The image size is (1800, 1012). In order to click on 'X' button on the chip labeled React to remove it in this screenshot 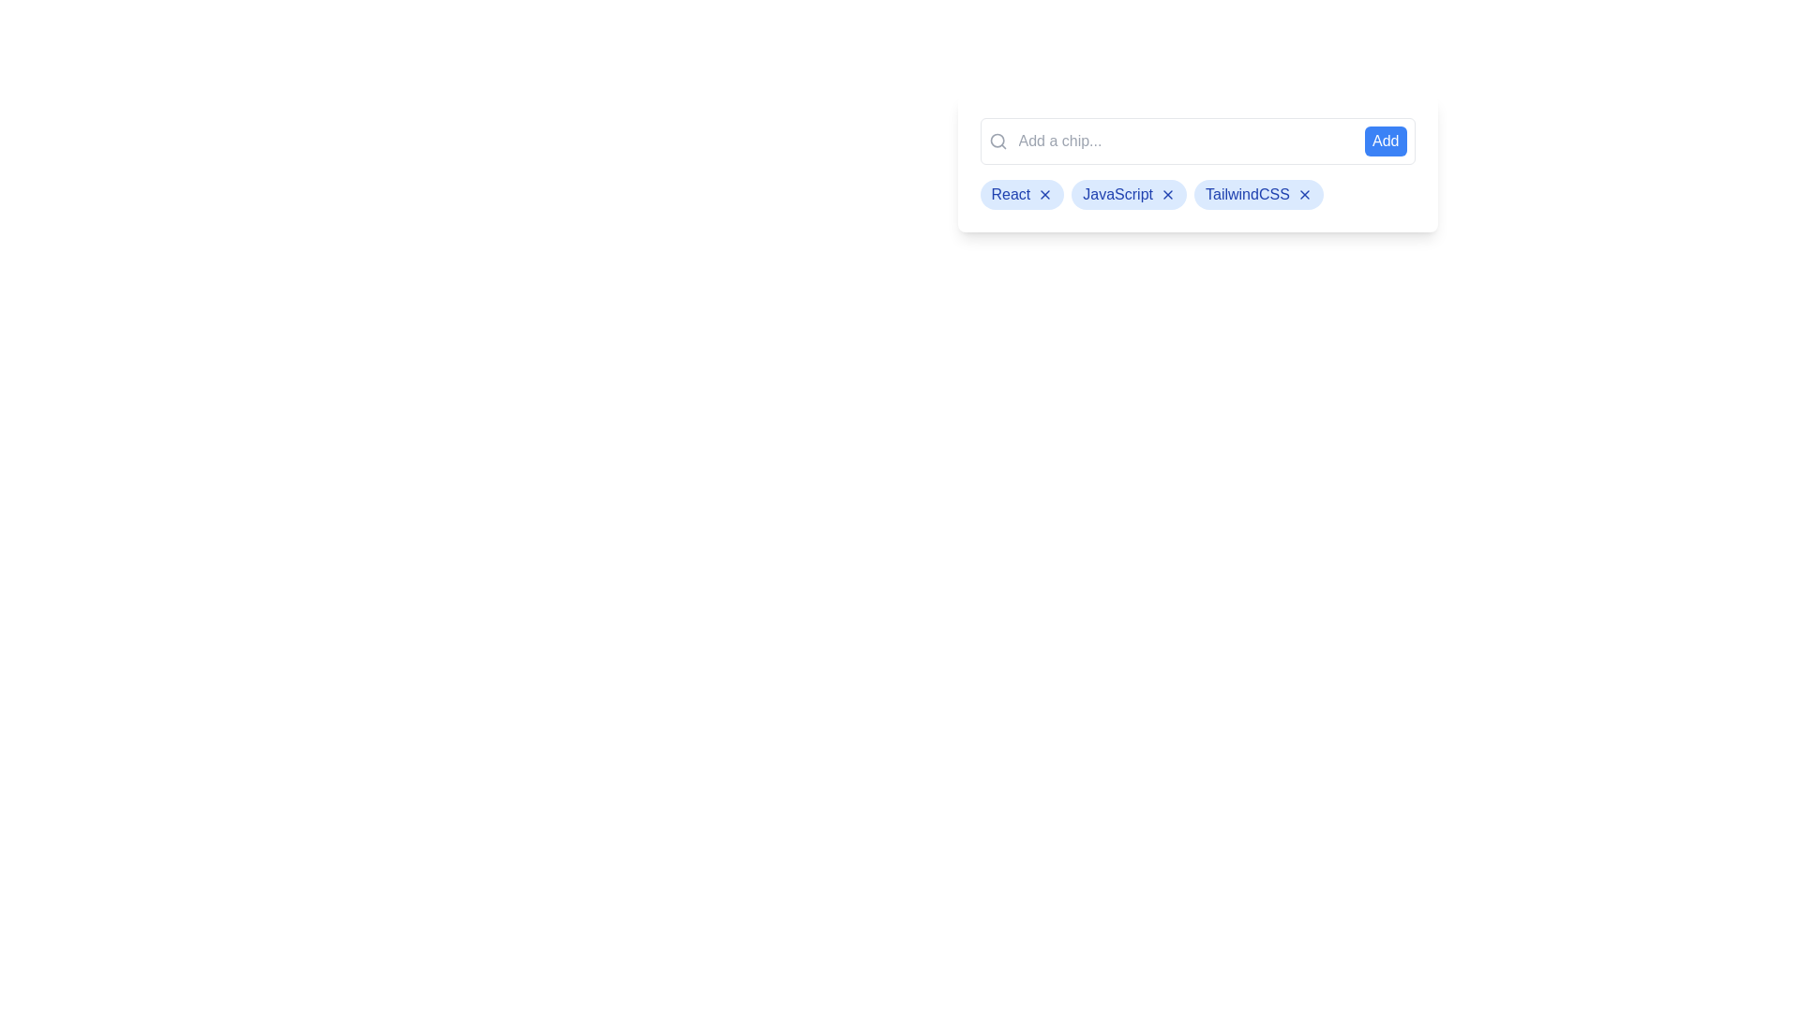, I will do `click(1044, 195)`.